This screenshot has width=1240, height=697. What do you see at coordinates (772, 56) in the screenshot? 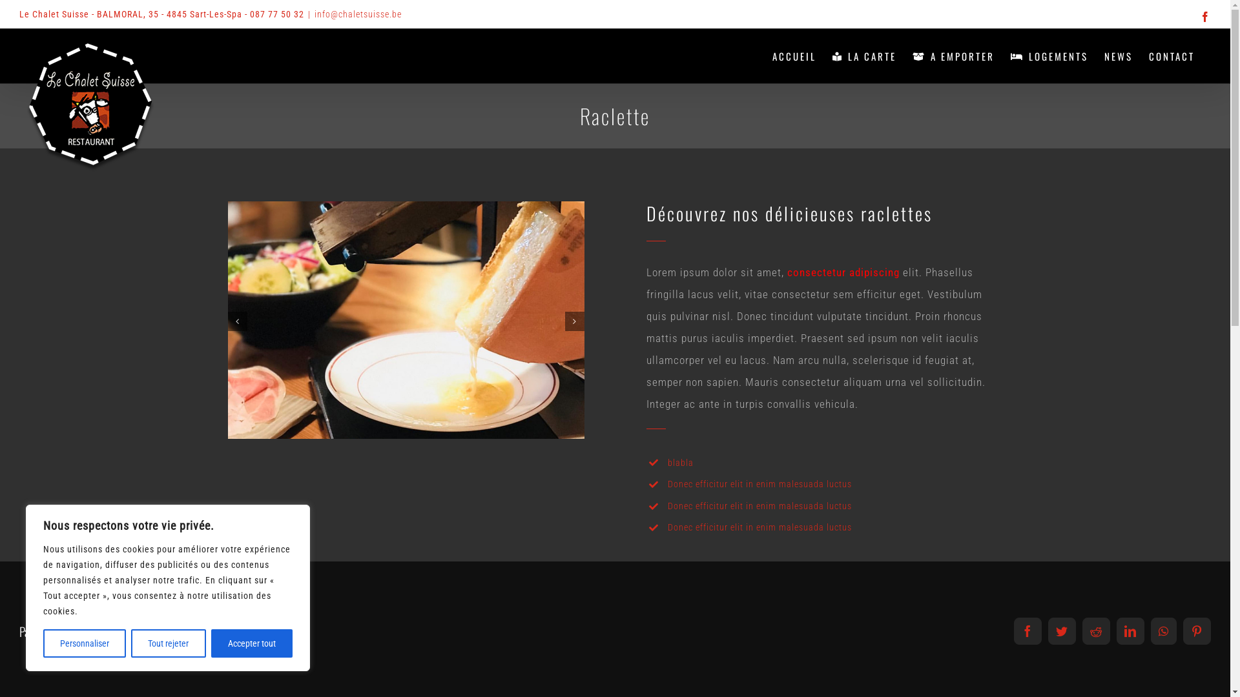
I see `'ACCUEIL'` at bounding box center [772, 56].